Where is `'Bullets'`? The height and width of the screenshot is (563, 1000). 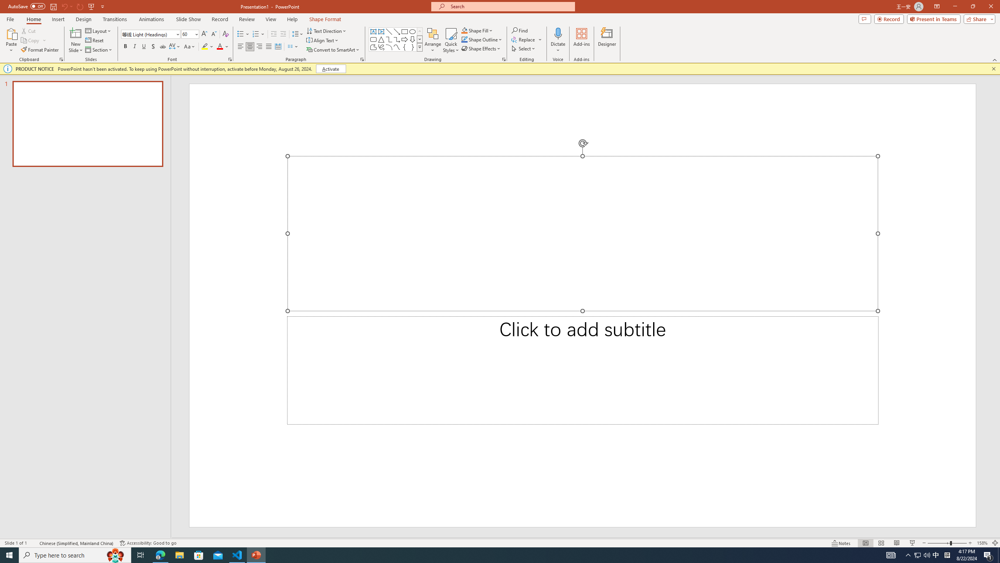 'Bullets' is located at coordinates (240, 34).